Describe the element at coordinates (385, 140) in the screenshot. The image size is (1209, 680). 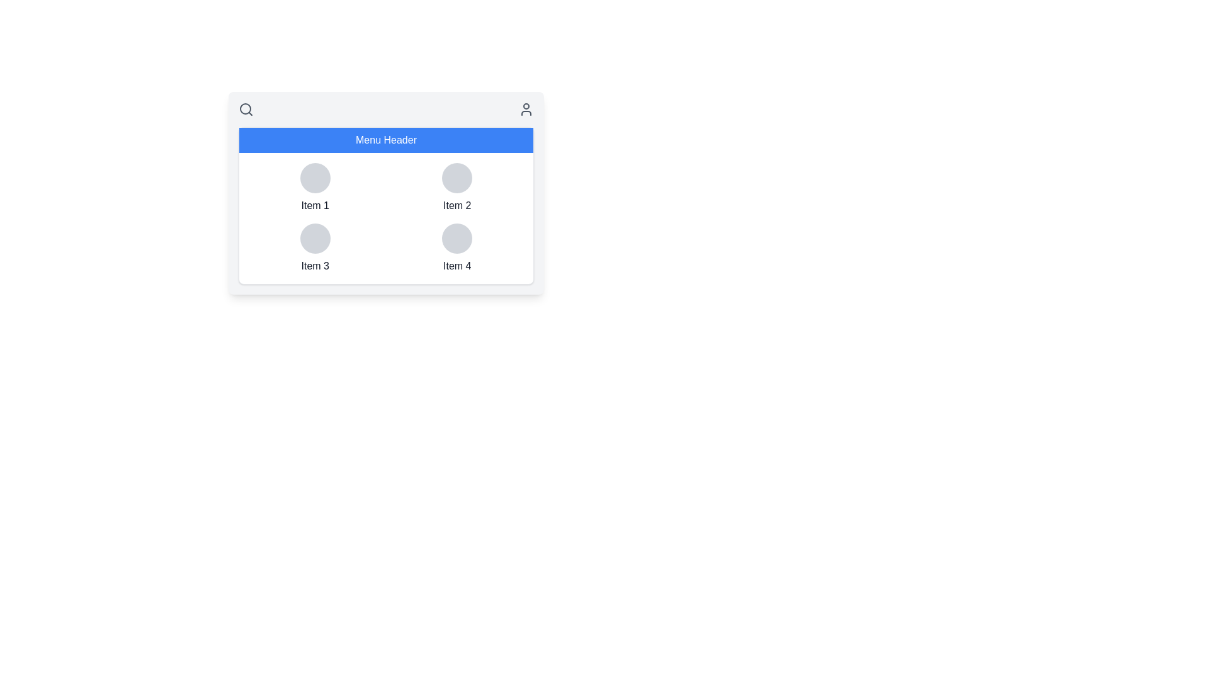
I see `the 'Menu Header' text label, which has a blue background and white text, positioned at the top of a card-like structure` at that location.